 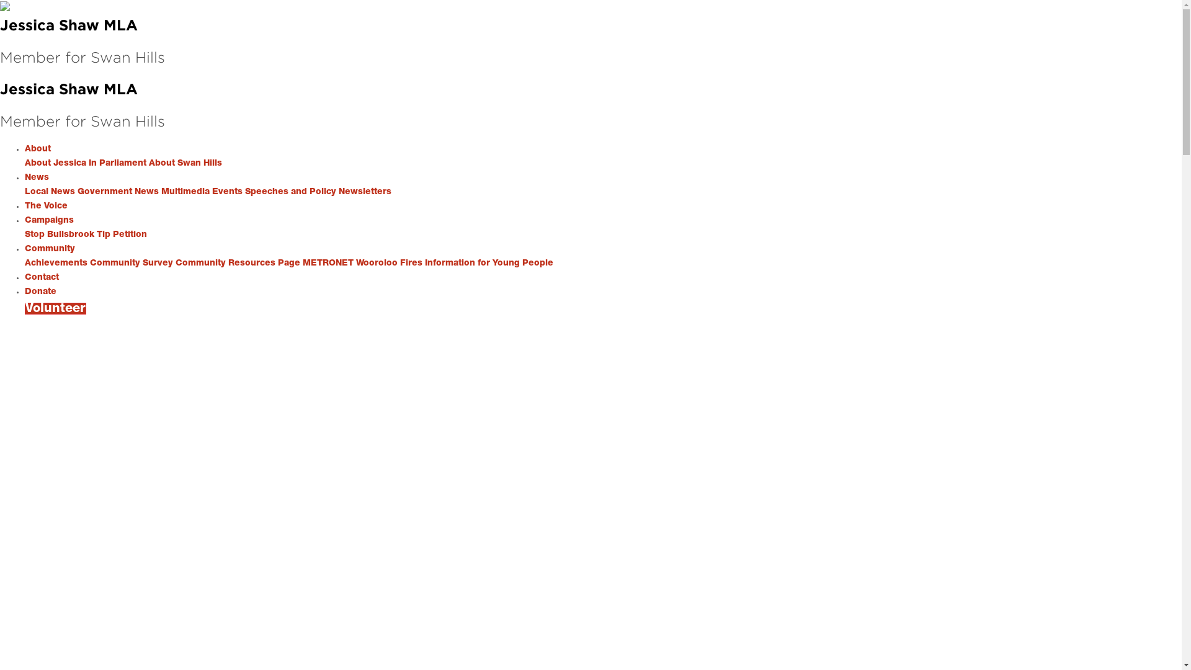 What do you see at coordinates (227, 191) in the screenshot?
I see `'Events'` at bounding box center [227, 191].